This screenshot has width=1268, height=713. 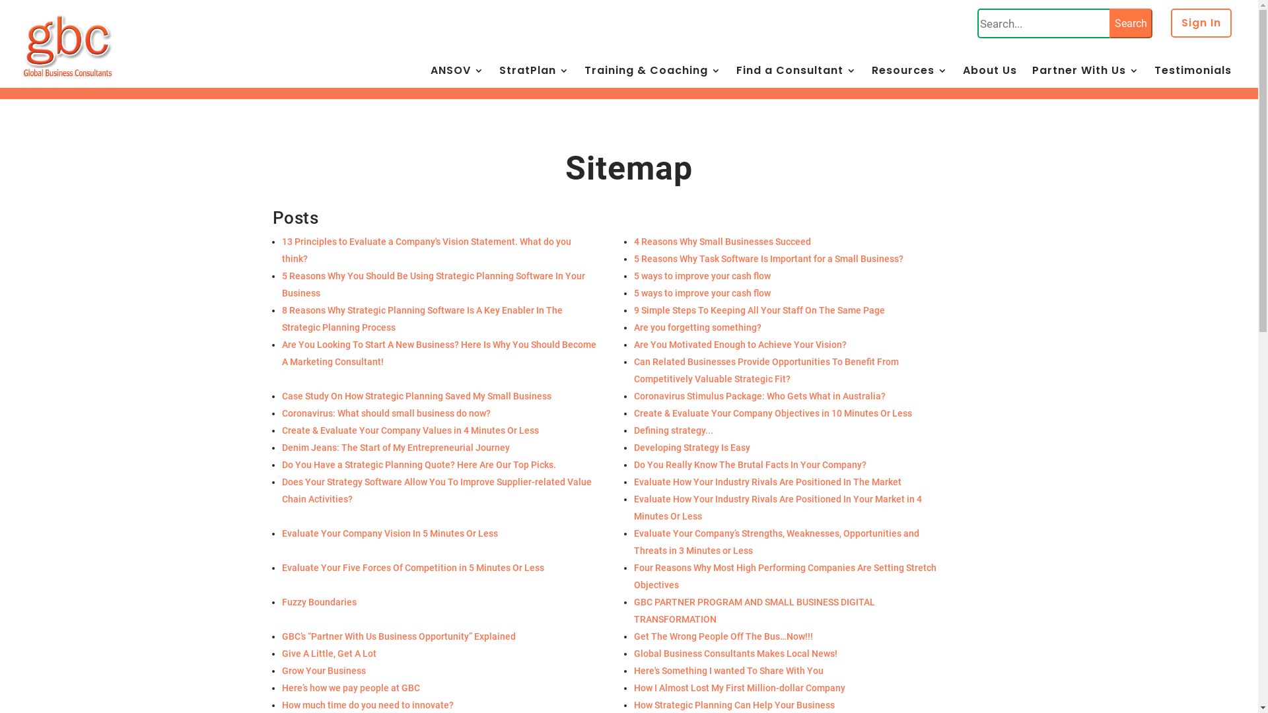 I want to click on 'Training & Coaching', so click(x=652, y=79).